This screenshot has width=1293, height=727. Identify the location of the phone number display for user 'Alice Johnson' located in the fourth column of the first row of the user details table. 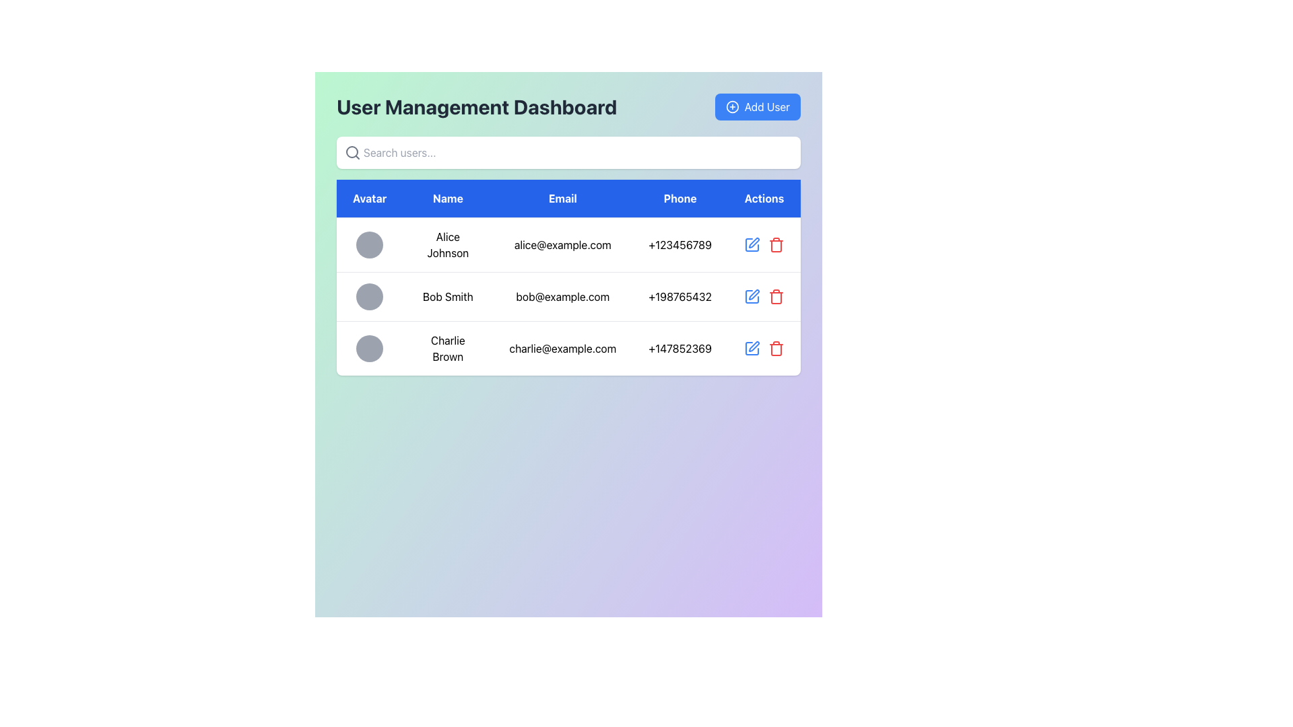
(680, 244).